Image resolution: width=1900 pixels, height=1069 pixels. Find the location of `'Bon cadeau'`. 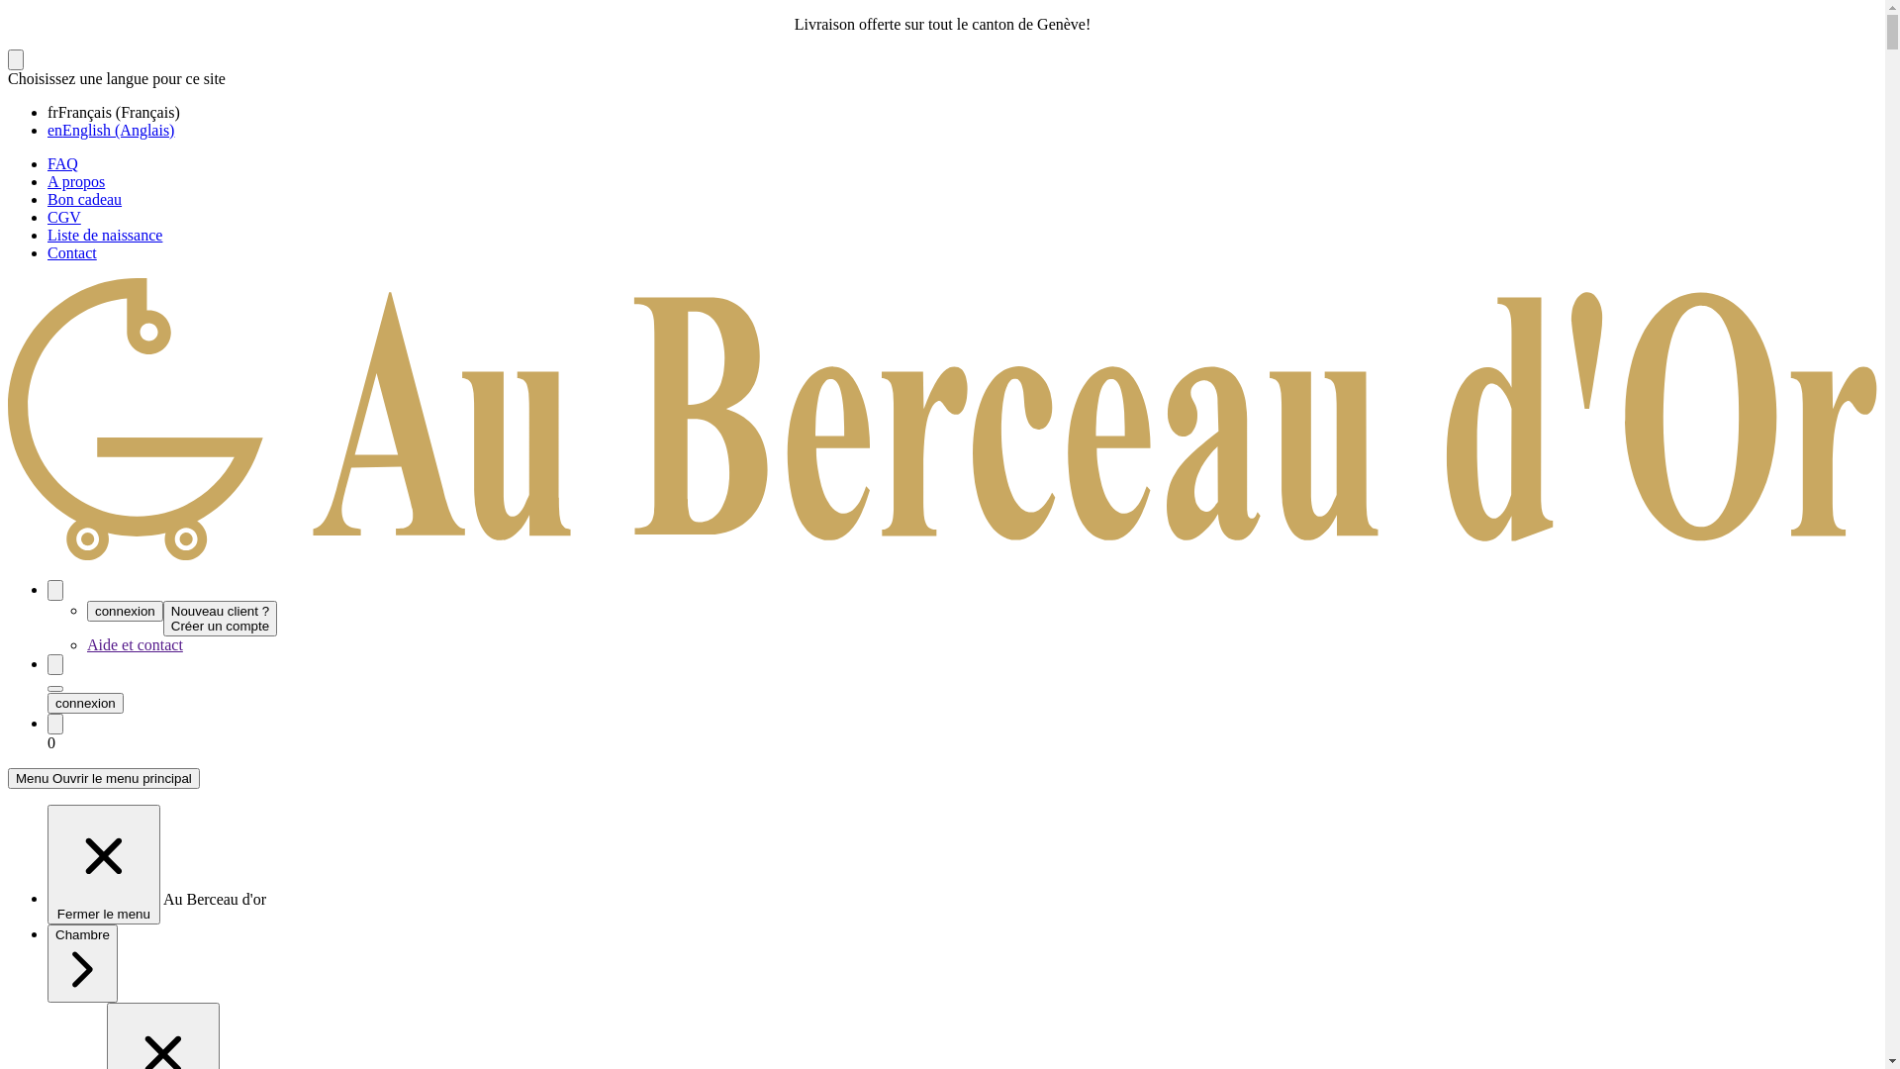

'Bon cadeau' is located at coordinates (83, 199).